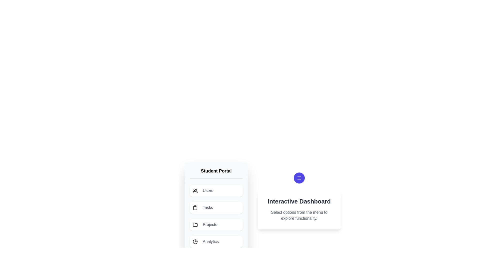 The width and height of the screenshot is (480, 270). What do you see at coordinates (299, 178) in the screenshot?
I see `the menu button to toggle the drawer visibility` at bounding box center [299, 178].